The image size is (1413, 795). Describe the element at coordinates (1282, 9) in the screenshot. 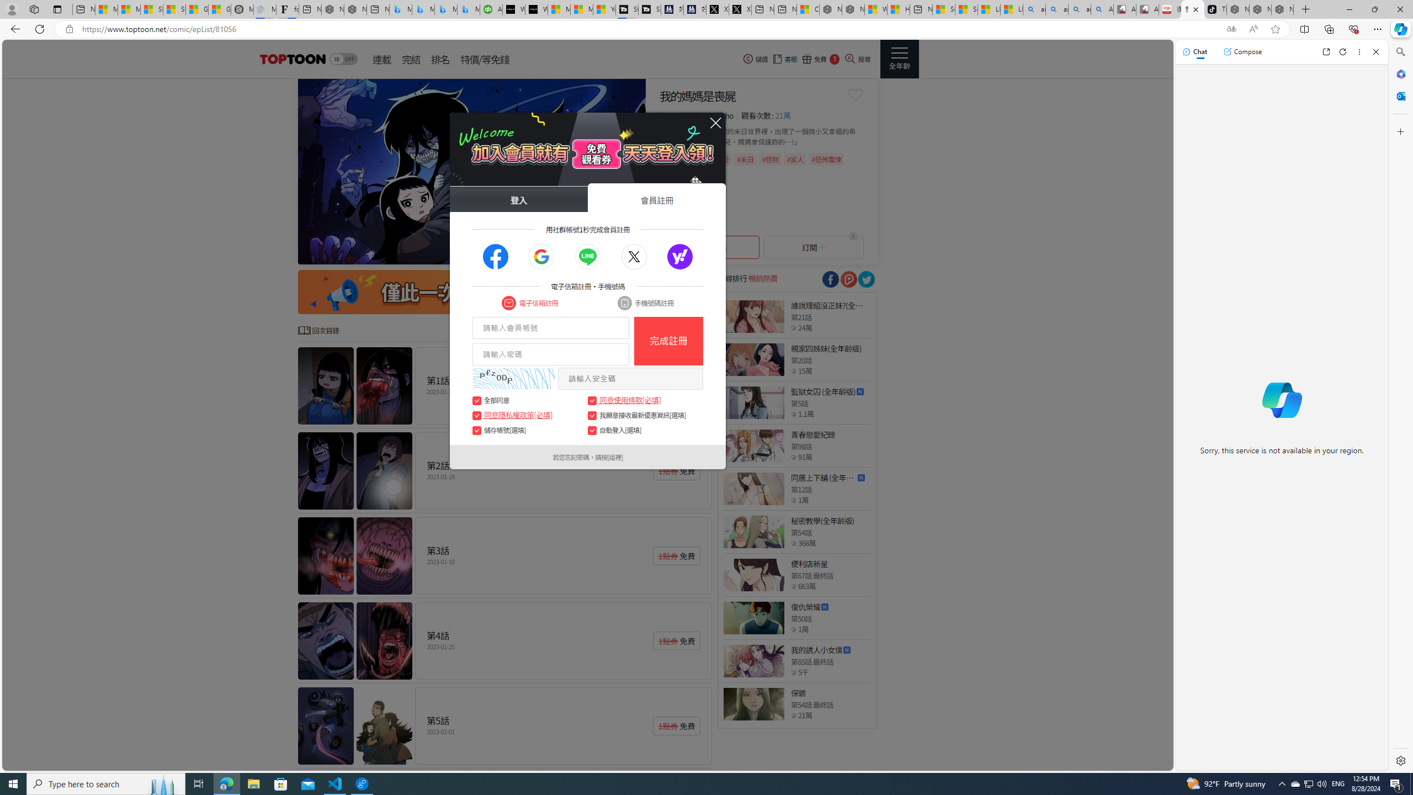

I see `'Nordace - Siena Pro 15 Essential Set'` at that location.